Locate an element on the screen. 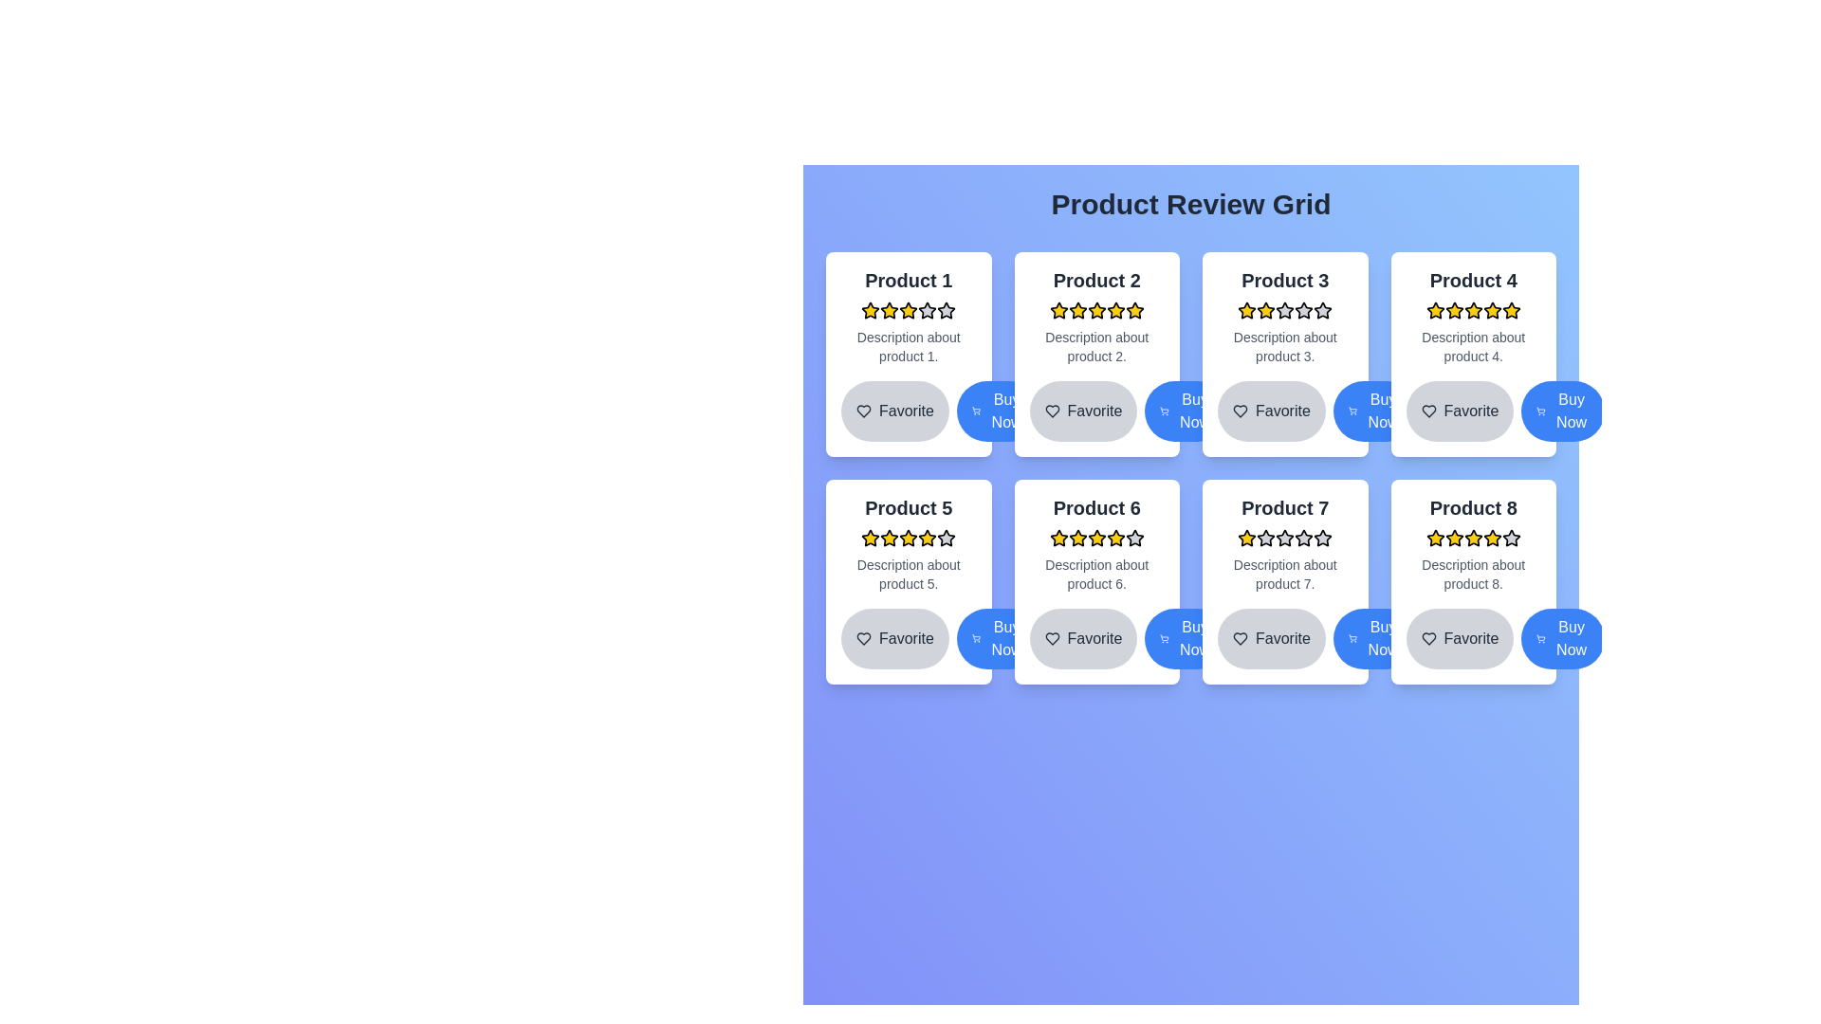 The height and width of the screenshot is (1024, 1821). on the fifth rating star icon for 'Product 2' in the 'Product Review Grid' is located at coordinates (1115, 309).